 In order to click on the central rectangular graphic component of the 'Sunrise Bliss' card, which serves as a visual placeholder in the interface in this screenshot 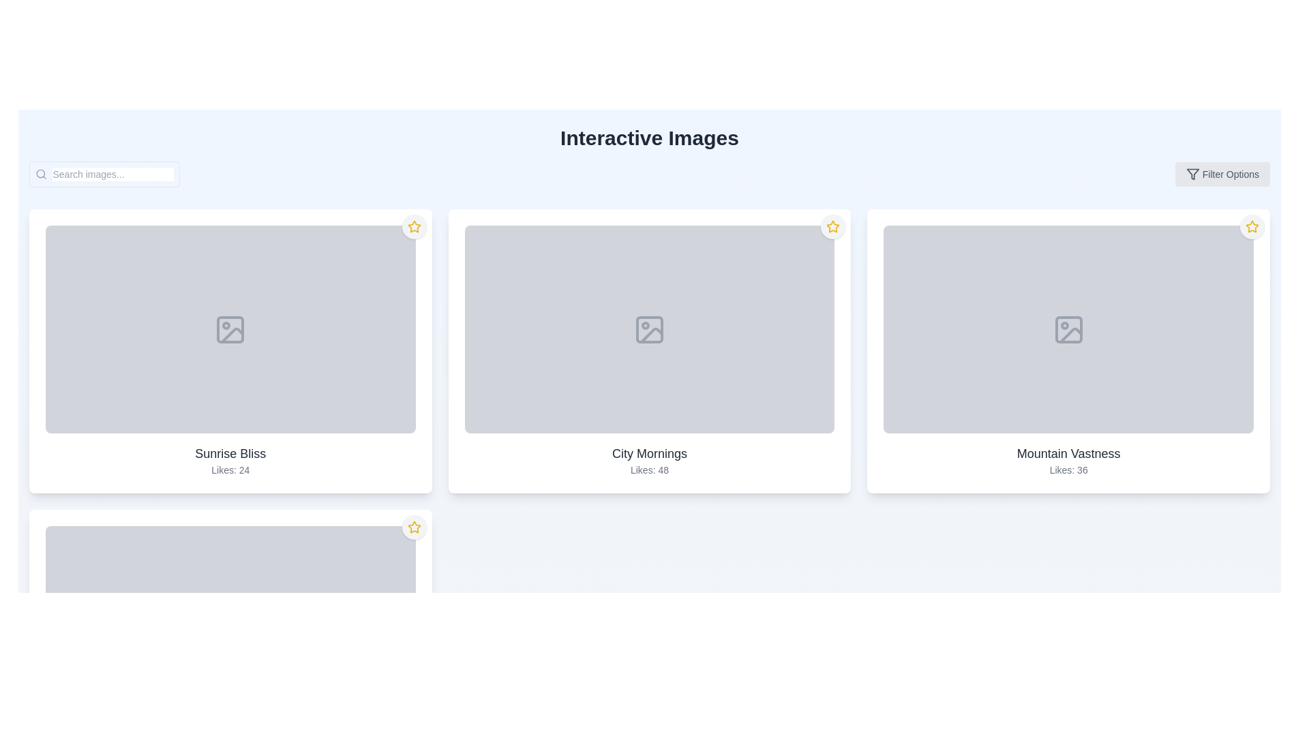, I will do `click(230, 329)`.